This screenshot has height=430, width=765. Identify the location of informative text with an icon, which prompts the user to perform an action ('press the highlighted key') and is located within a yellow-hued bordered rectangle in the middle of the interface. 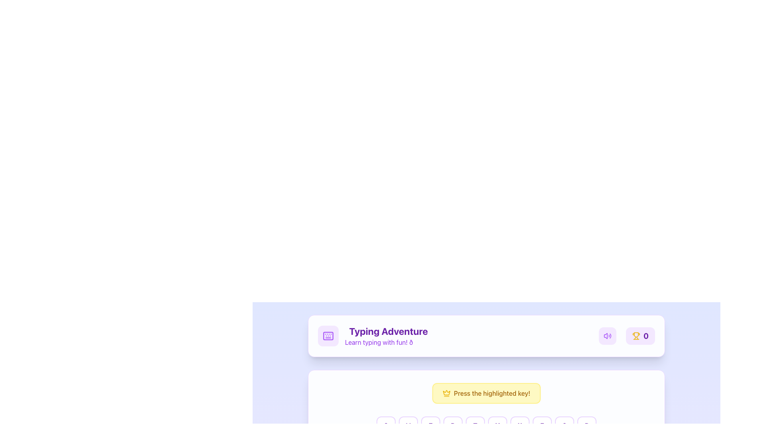
(486, 393).